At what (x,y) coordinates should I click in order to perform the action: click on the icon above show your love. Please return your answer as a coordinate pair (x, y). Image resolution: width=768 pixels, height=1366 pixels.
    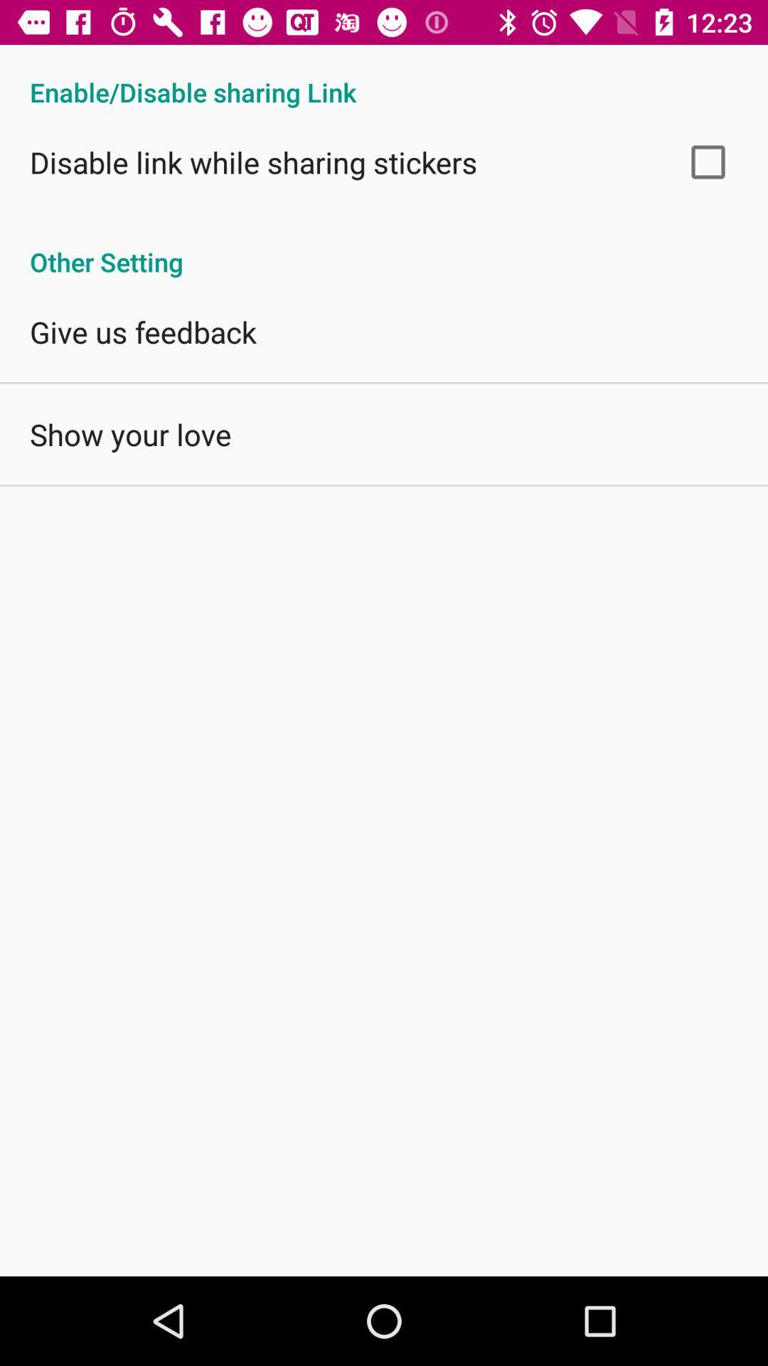
    Looking at the image, I should click on (143, 331).